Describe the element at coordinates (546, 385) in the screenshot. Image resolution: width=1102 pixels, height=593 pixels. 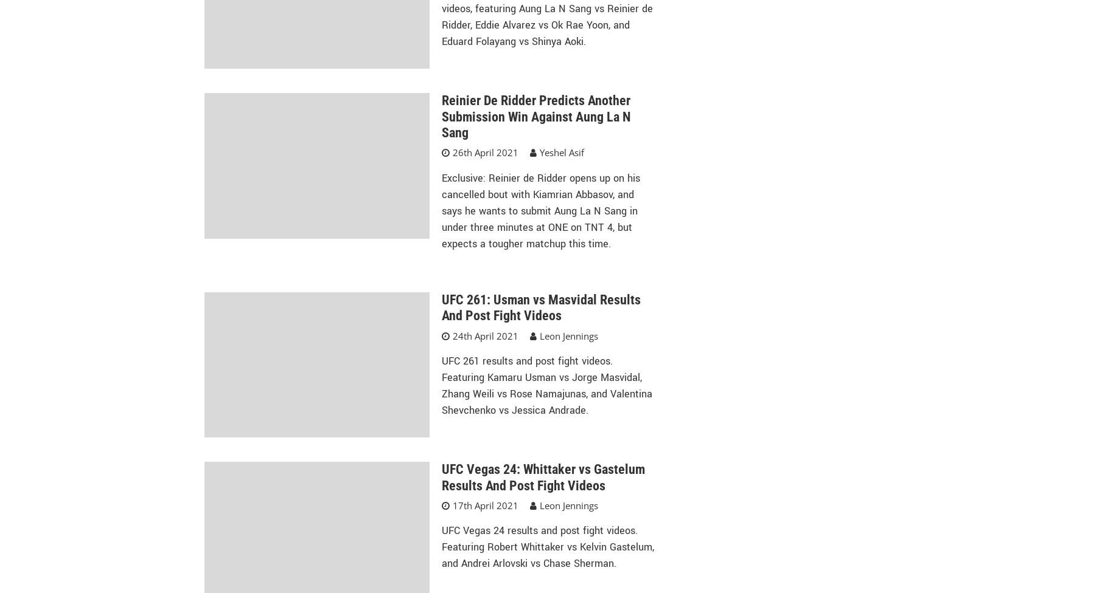
I see `'UFC 261 results and post fight videos. Featuring Kamaru Usman vs Jorge Masvidal, Zhang Weili vs Rose Namajunas, and Valentina Shevchenko vs Jessica Andrade.'` at that location.